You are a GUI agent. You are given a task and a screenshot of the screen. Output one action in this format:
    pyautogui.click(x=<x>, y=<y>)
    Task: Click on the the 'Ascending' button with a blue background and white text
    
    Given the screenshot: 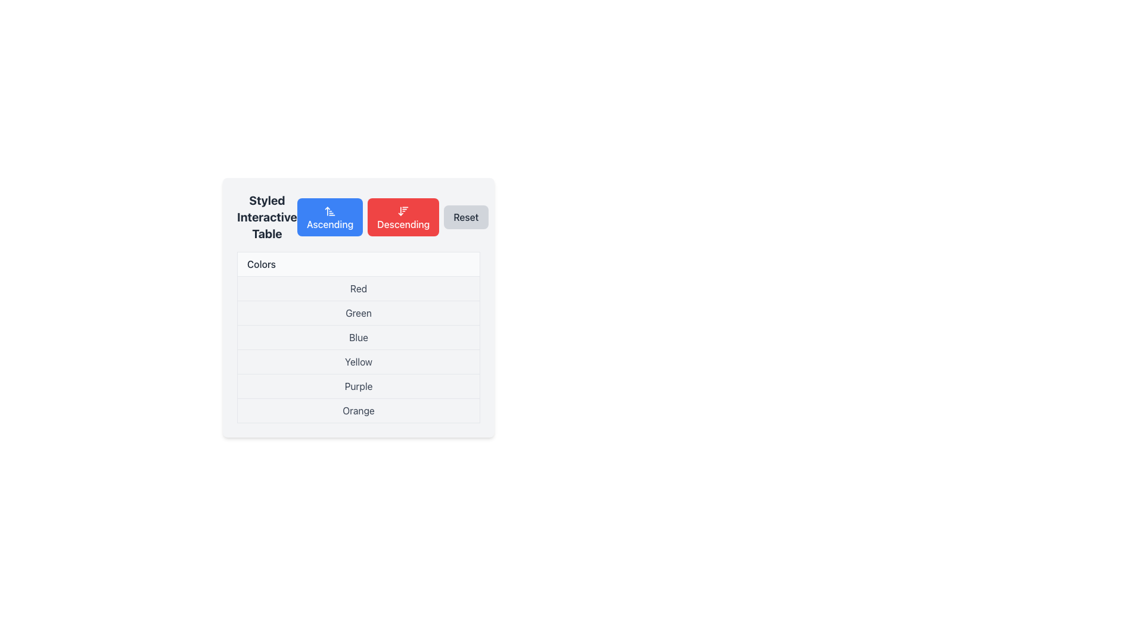 What is the action you would take?
    pyautogui.click(x=357, y=217)
    